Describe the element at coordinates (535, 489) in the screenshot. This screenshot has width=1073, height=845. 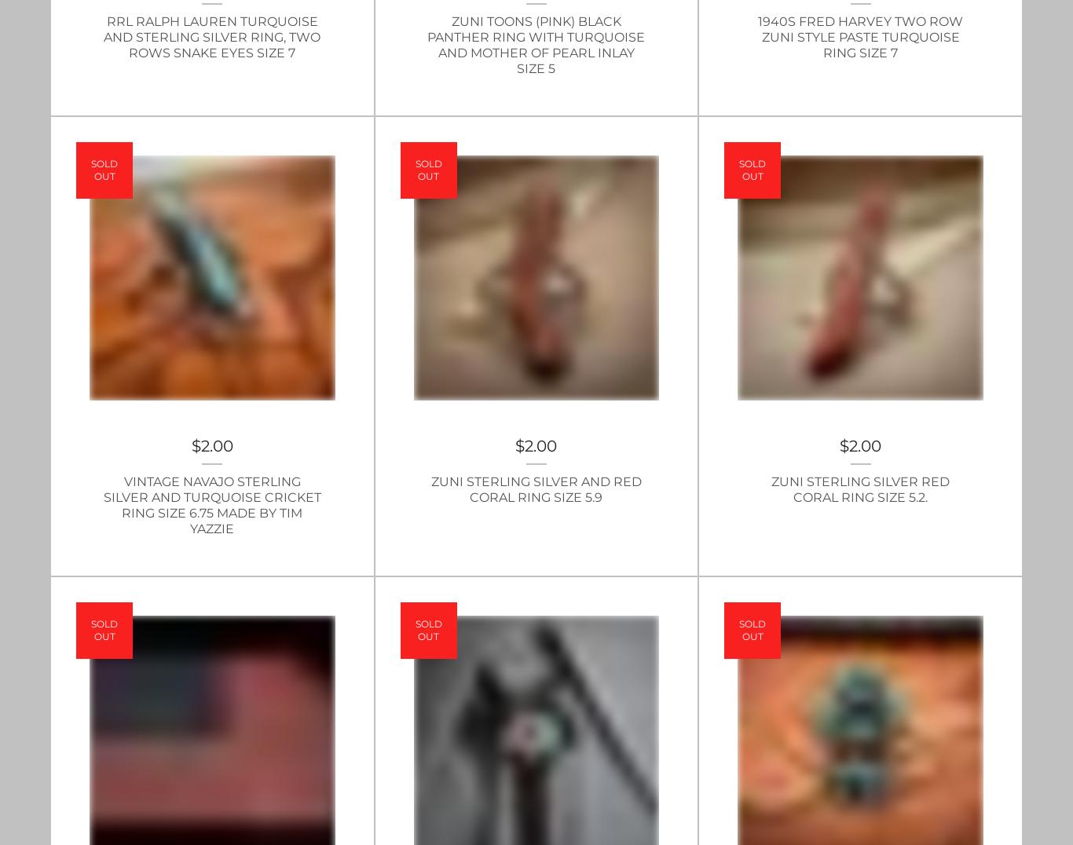
I see `'Zuni Sterling Silver and Red Coral Ring  Size 5.9'` at that location.